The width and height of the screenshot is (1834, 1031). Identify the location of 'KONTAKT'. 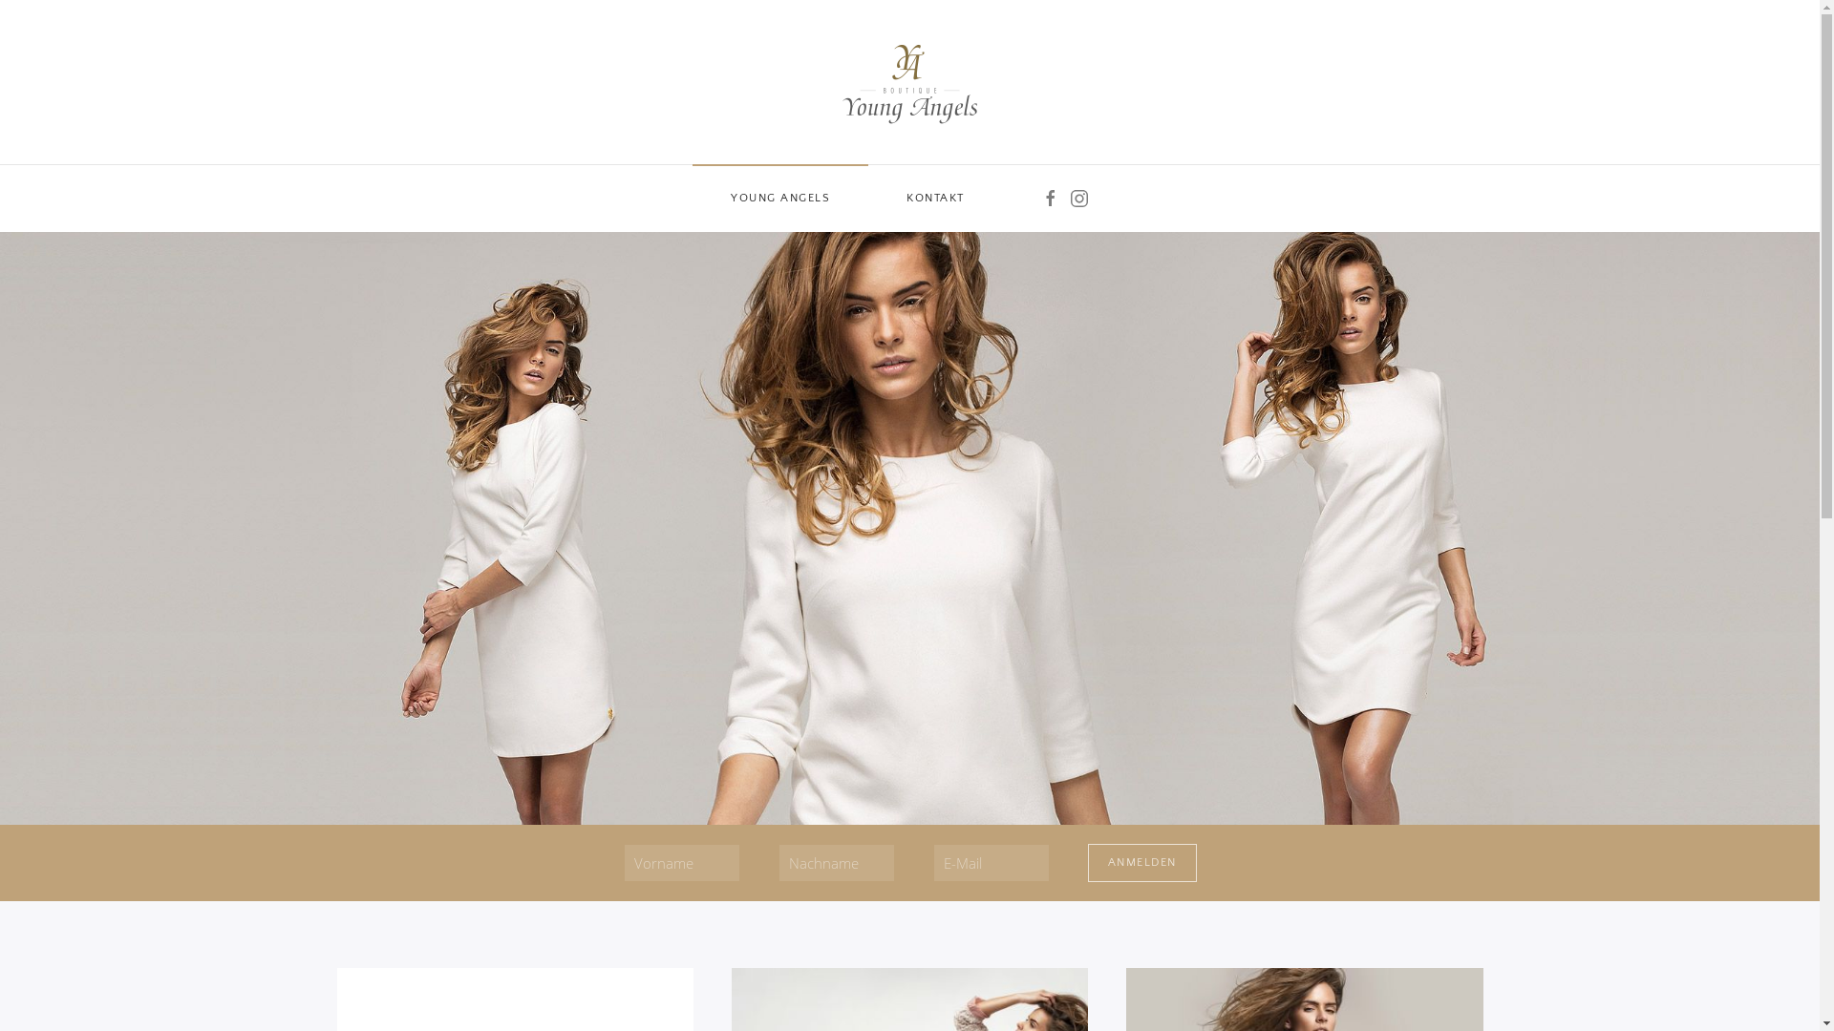
(935, 199).